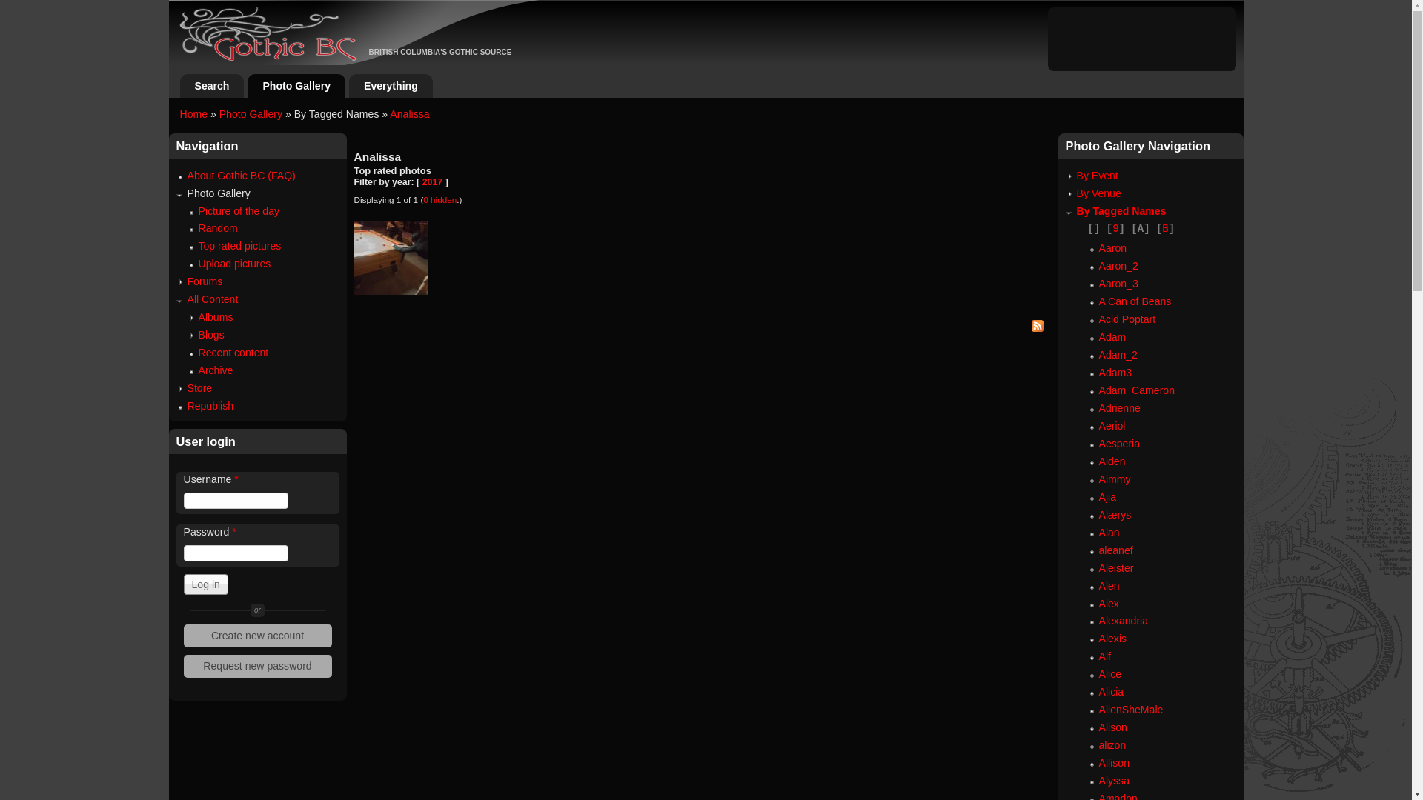 The width and height of the screenshot is (1423, 800). I want to click on 'Adam_2', so click(1117, 354).